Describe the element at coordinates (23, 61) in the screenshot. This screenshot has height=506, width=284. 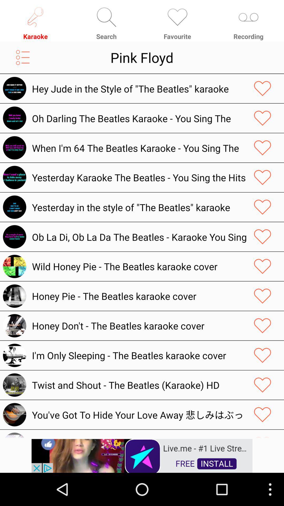
I see `the list icon` at that location.